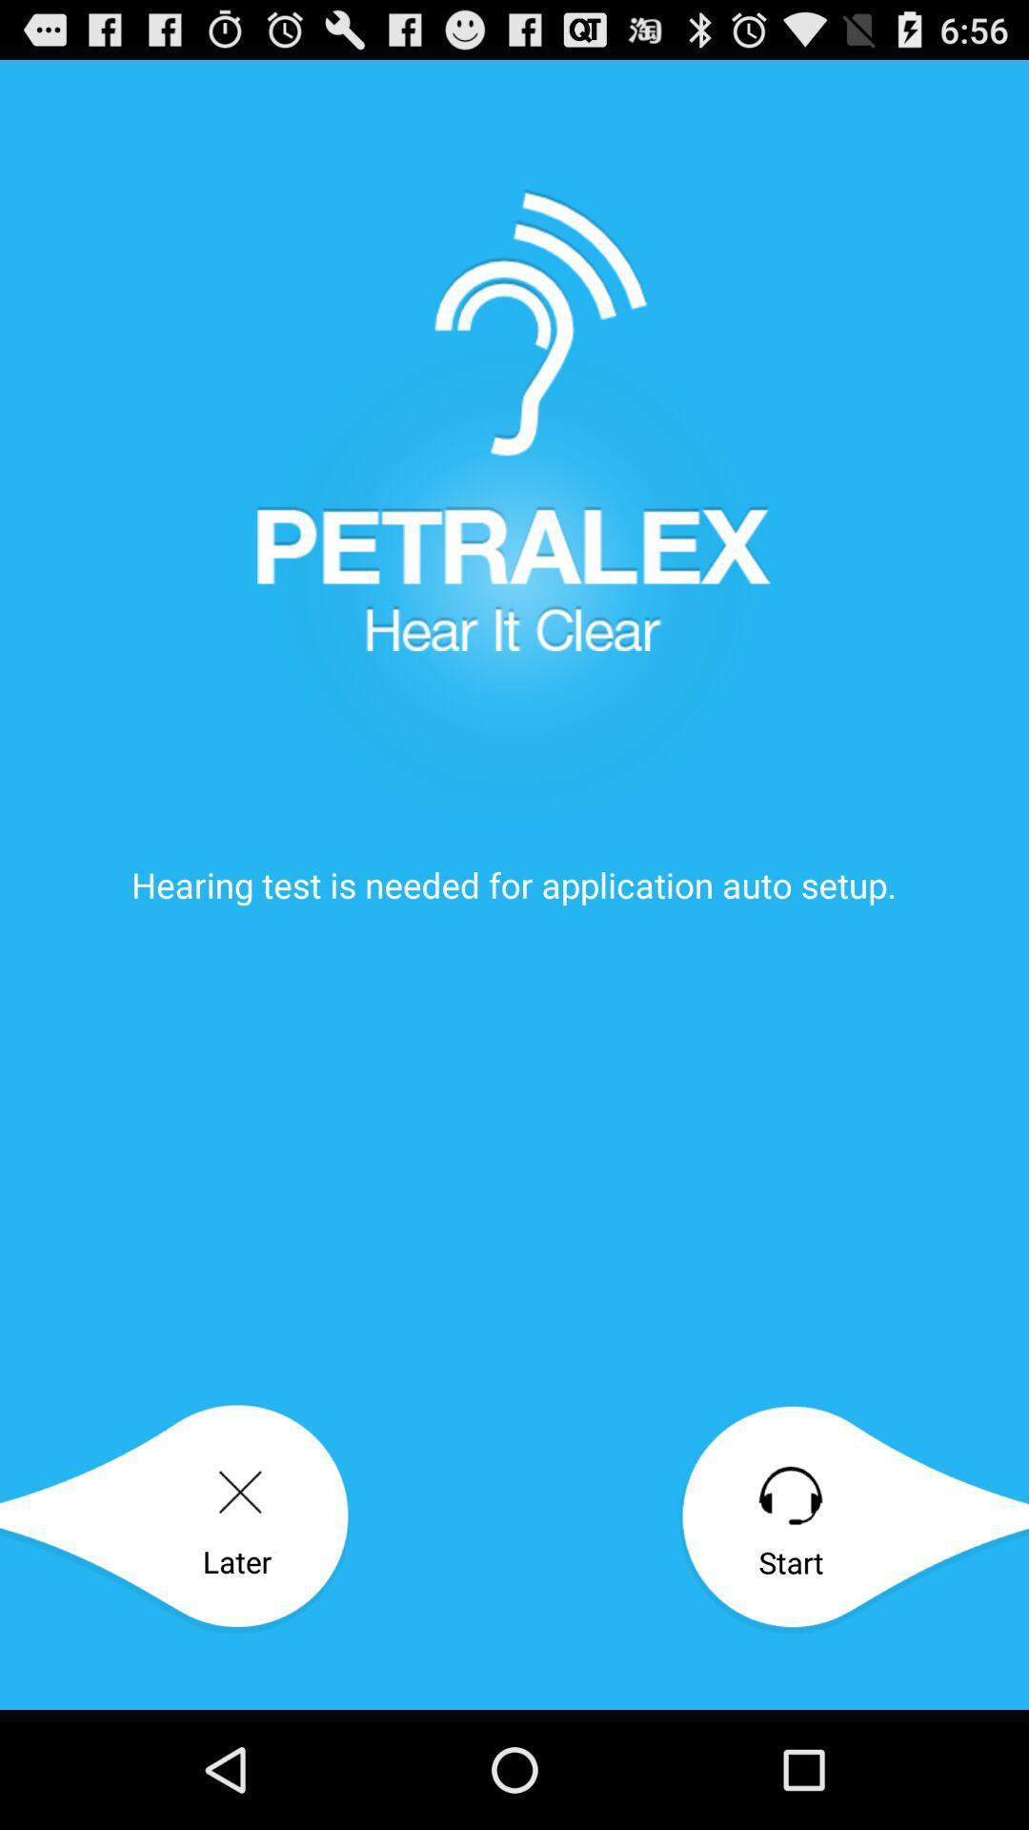  I want to click on the icon to the left of start icon, so click(174, 1517).